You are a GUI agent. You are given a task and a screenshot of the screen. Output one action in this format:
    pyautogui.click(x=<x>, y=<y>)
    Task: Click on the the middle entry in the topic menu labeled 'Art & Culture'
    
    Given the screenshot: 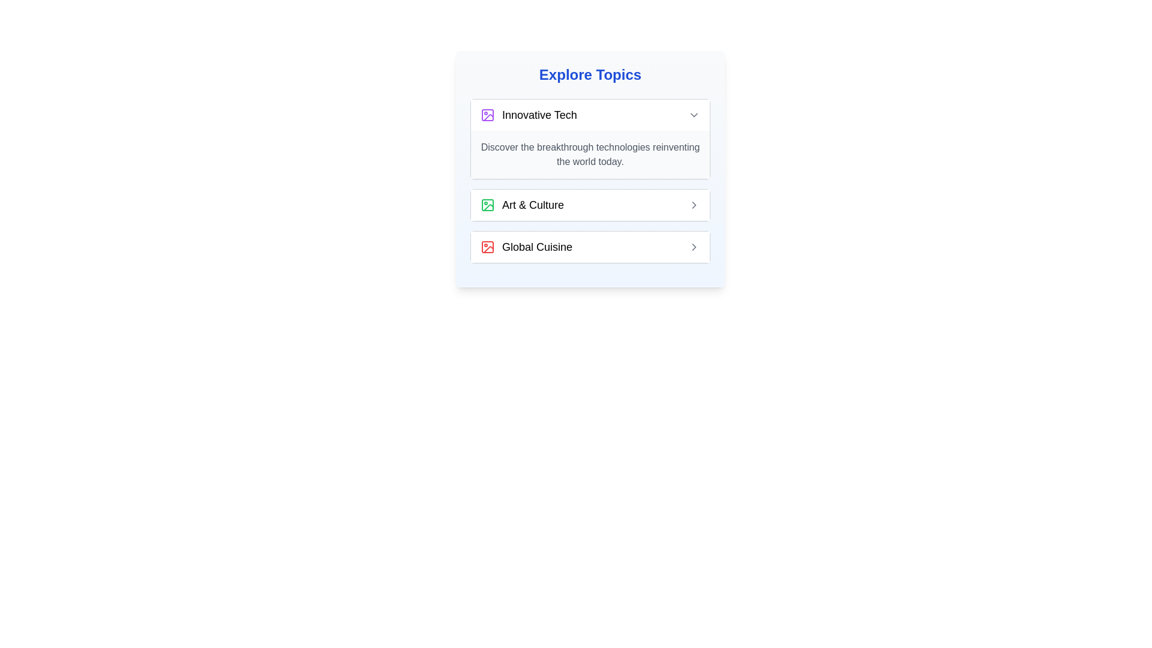 What is the action you would take?
    pyautogui.click(x=532, y=205)
    